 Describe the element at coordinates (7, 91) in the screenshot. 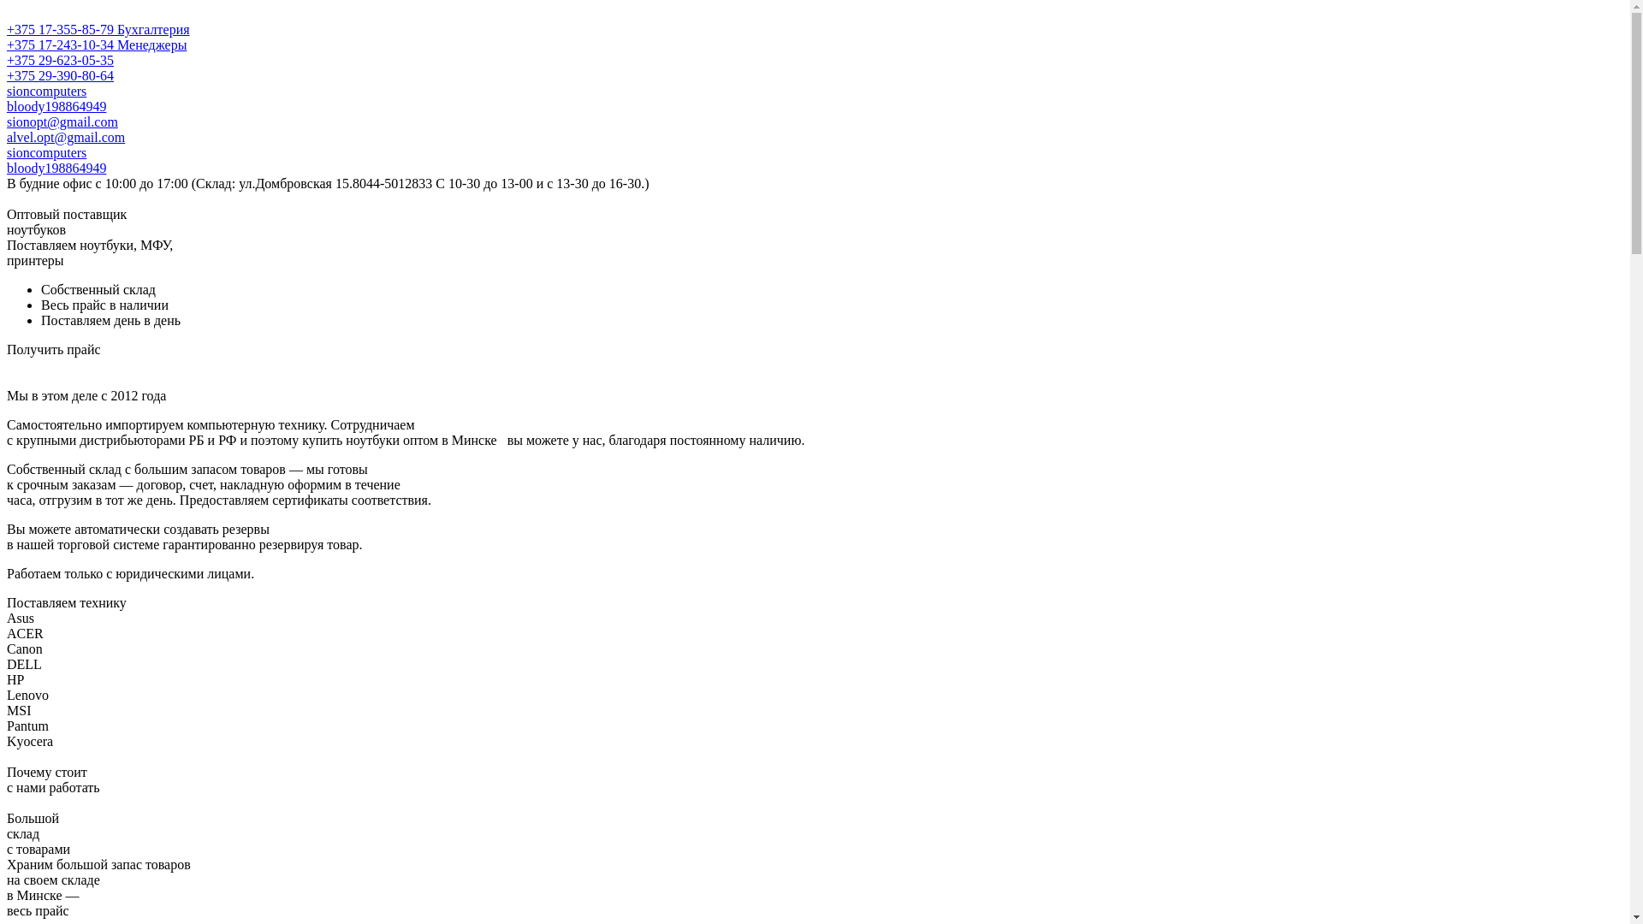

I see `'sioncomputers'` at that location.